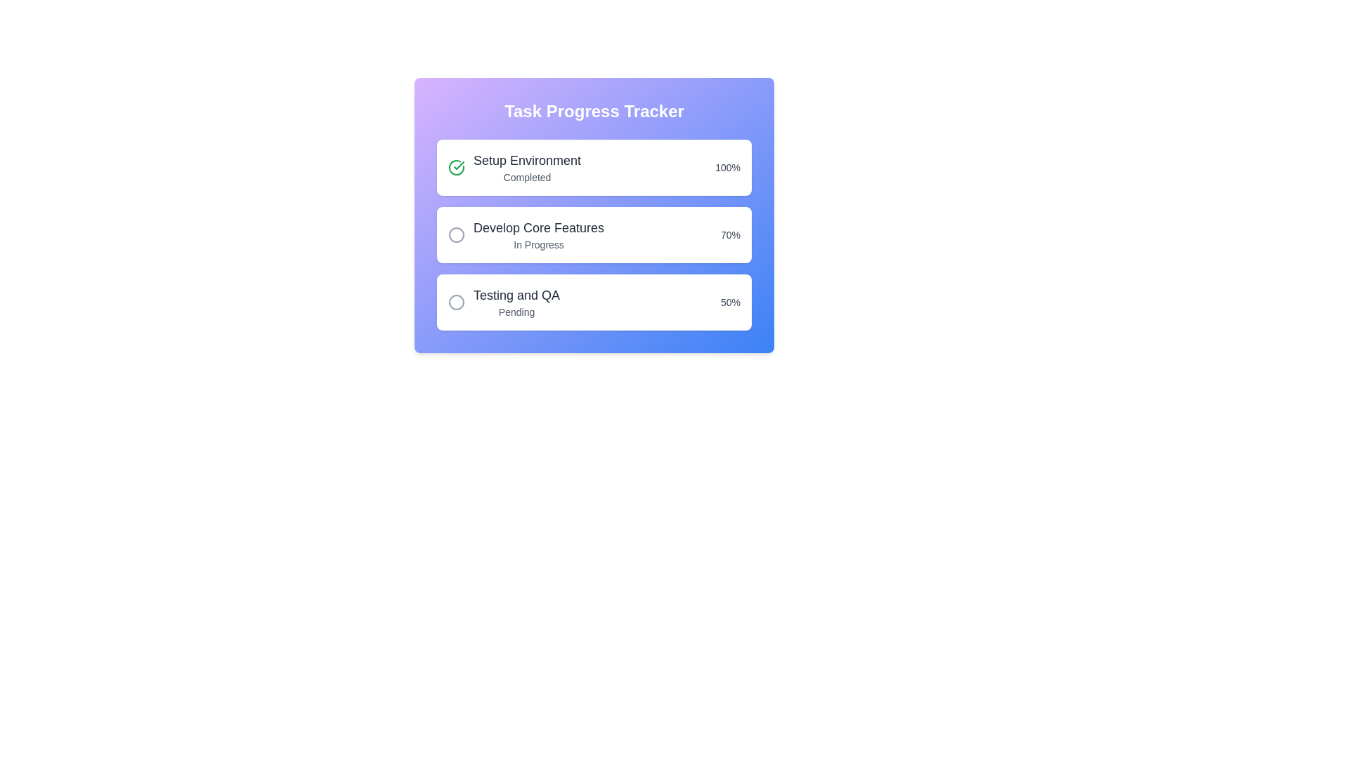 Image resolution: width=1349 pixels, height=758 pixels. I want to click on the text label displaying 'In Progress', which is located beneath 'Develop Core Features' in the middle entry of the progress items, so click(538, 244).